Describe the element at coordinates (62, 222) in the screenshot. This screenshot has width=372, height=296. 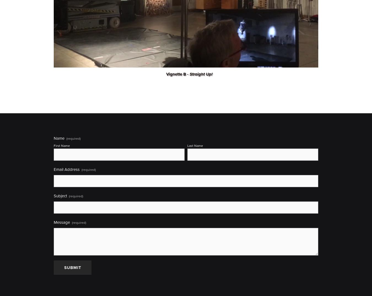
I see `'Message'` at that location.